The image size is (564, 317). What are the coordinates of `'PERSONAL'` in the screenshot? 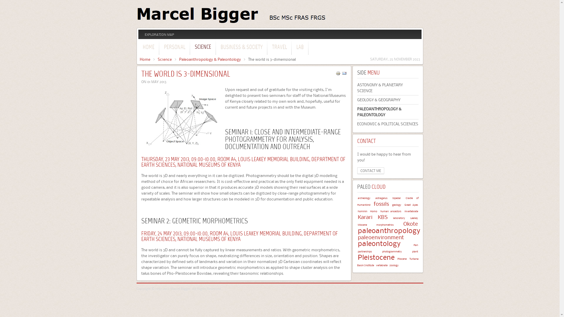 It's located at (174, 46).